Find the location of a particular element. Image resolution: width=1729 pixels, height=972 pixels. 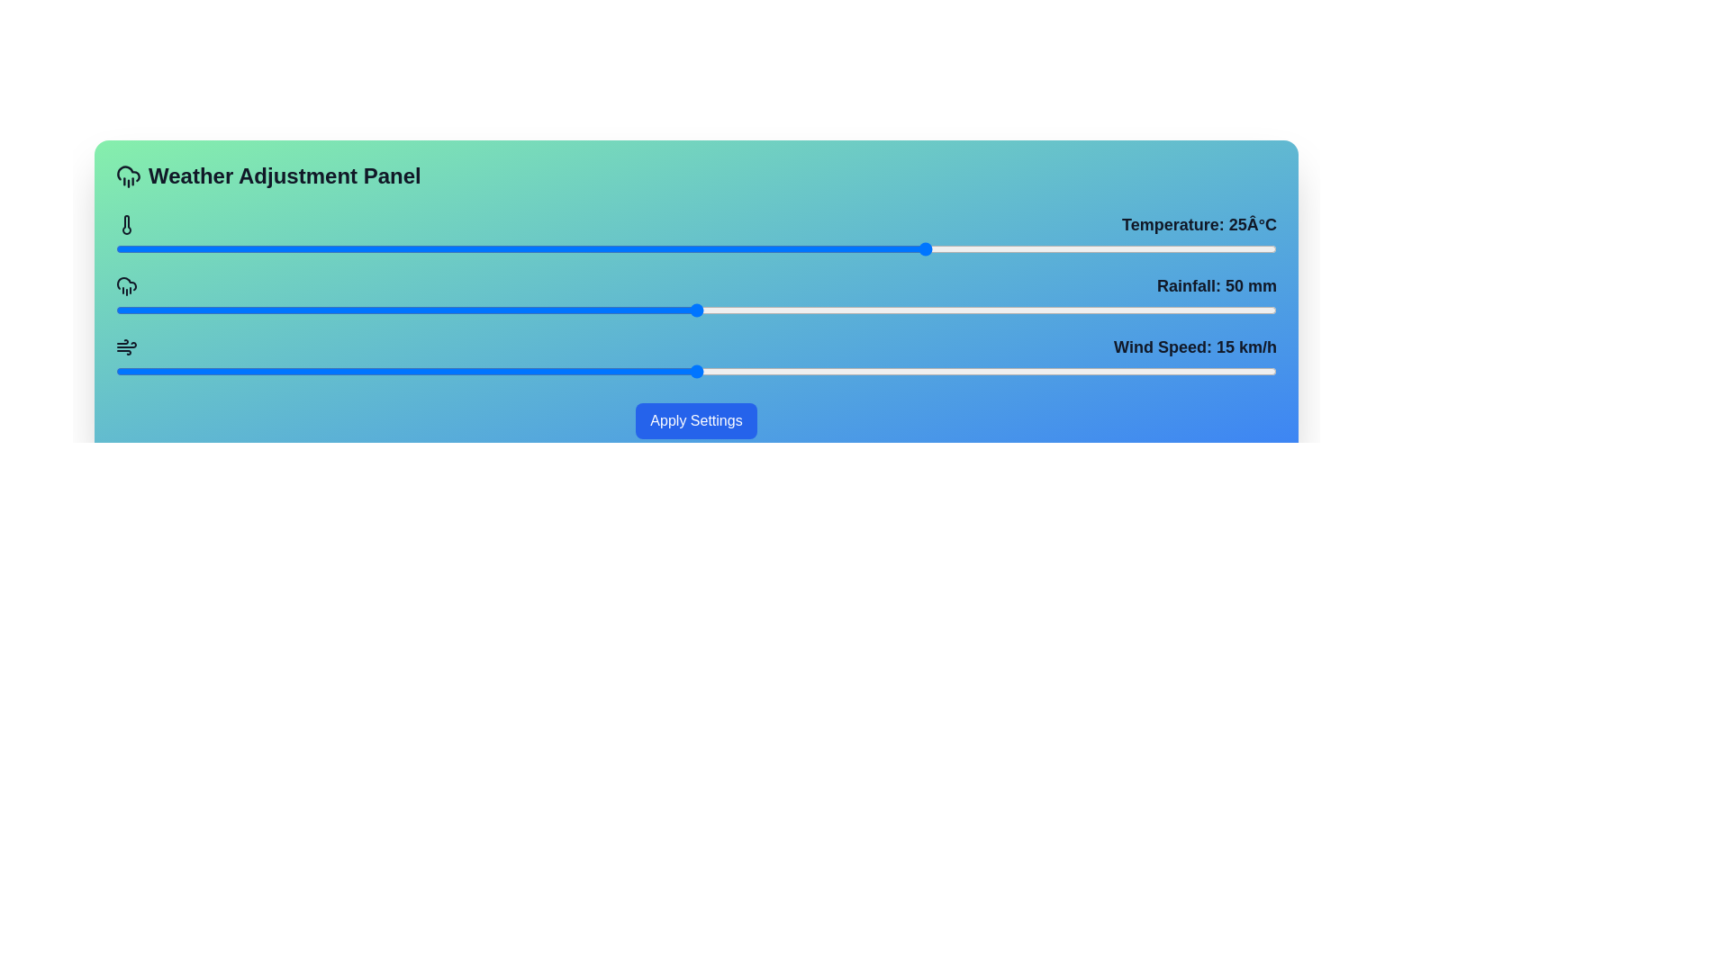

the temperature slider is located at coordinates (348, 249).